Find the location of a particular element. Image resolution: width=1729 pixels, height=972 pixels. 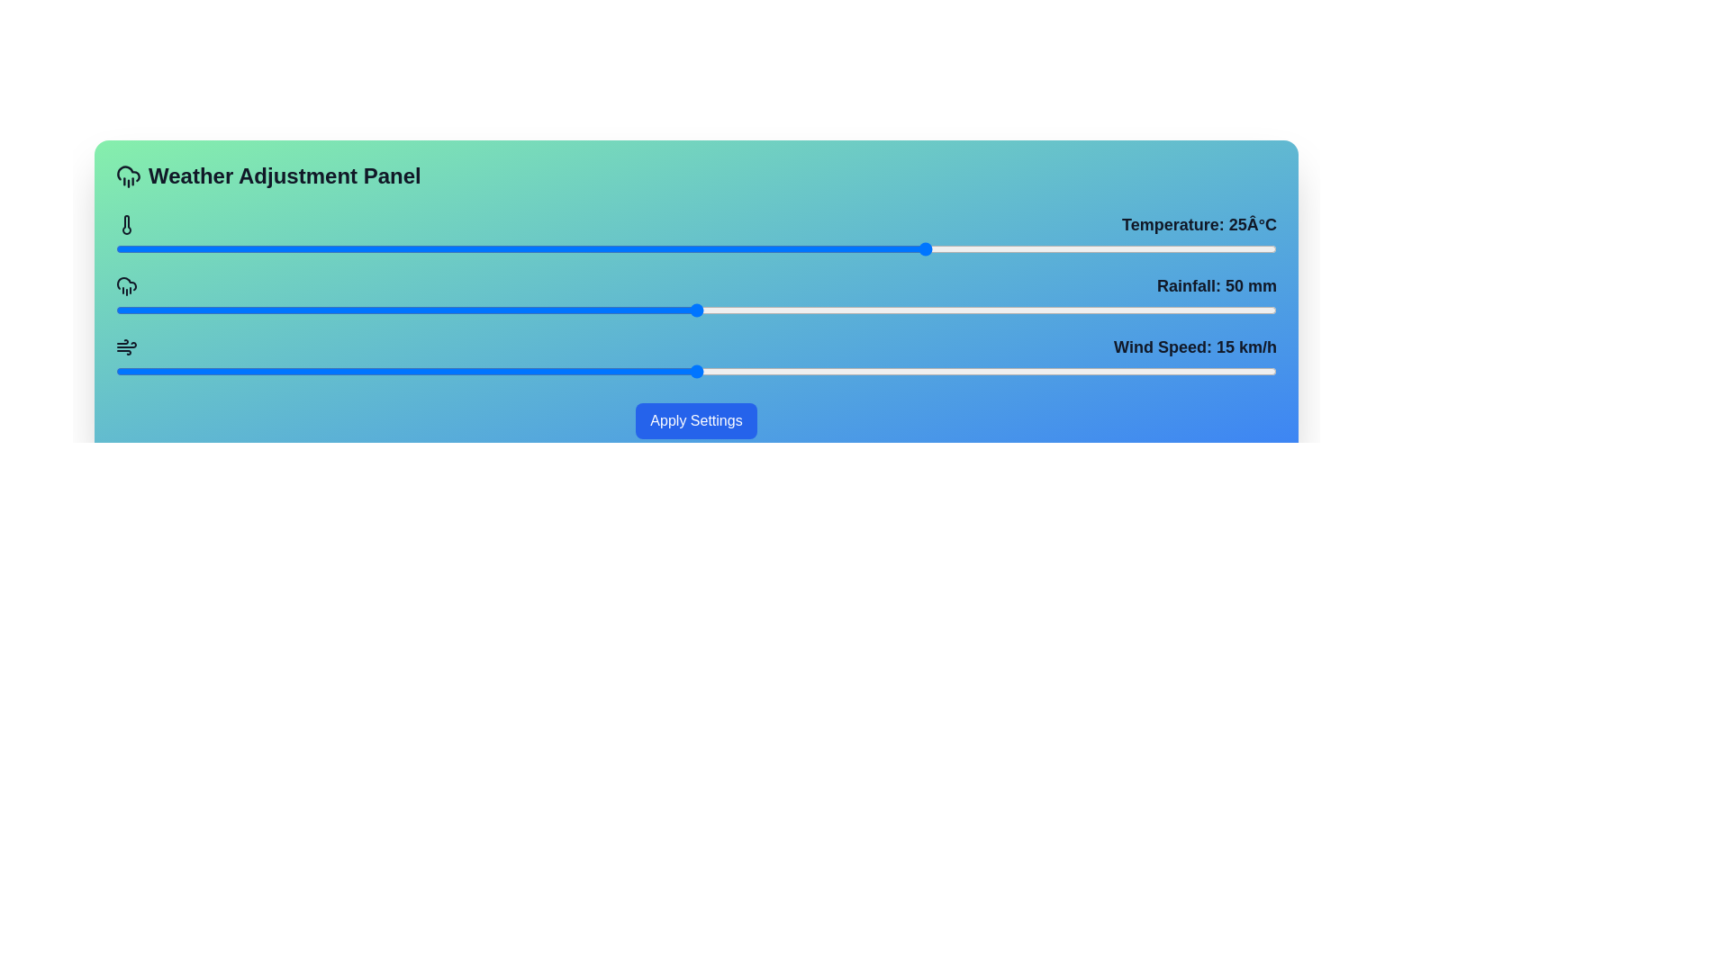

the temperature slider is located at coordinates (348, 249).